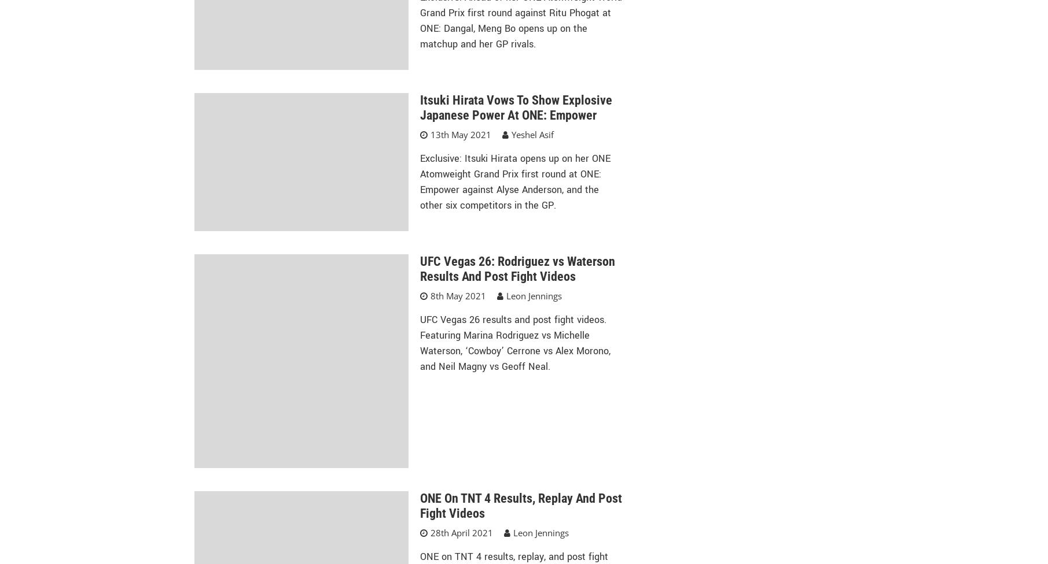 The image size is (1048, 564). I want to click on '28th April 2021', so click(461, 531).